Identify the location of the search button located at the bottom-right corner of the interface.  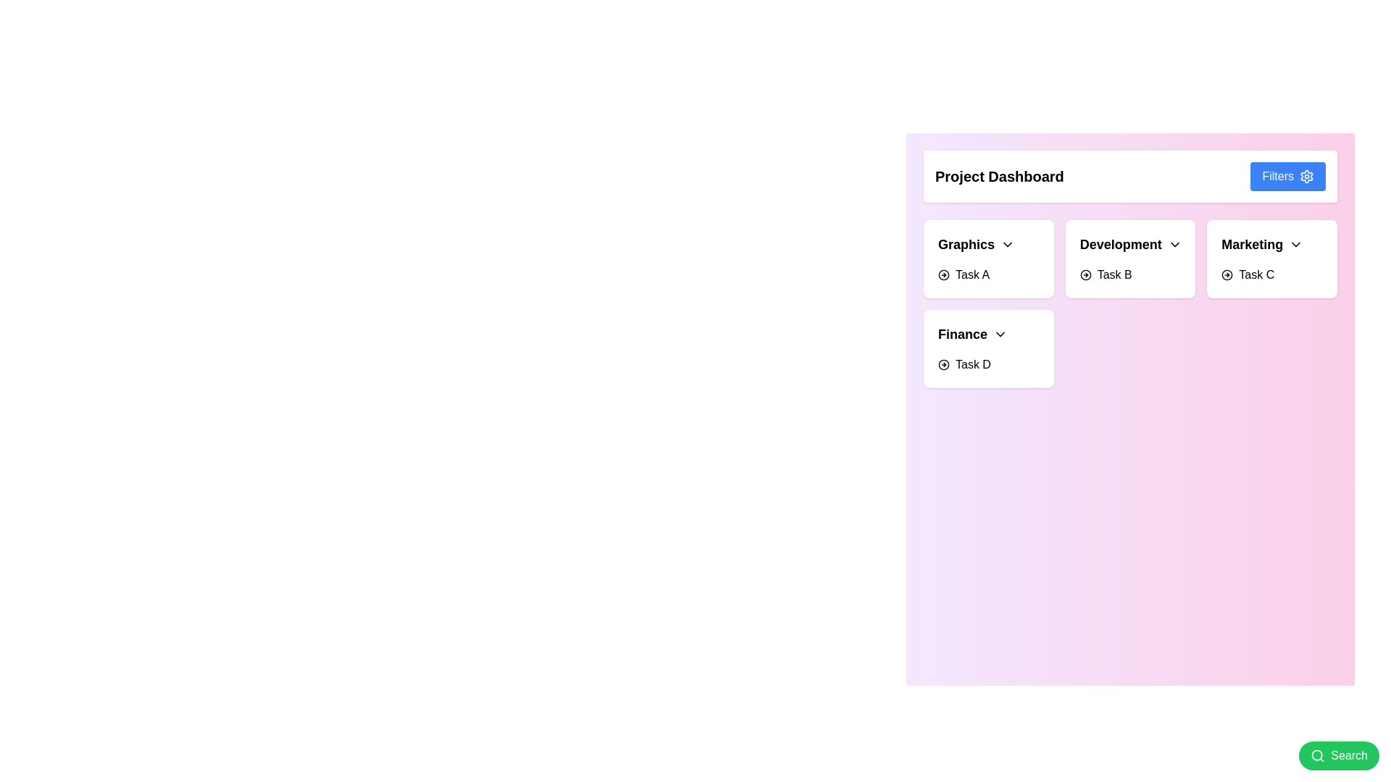
(1338, 755).